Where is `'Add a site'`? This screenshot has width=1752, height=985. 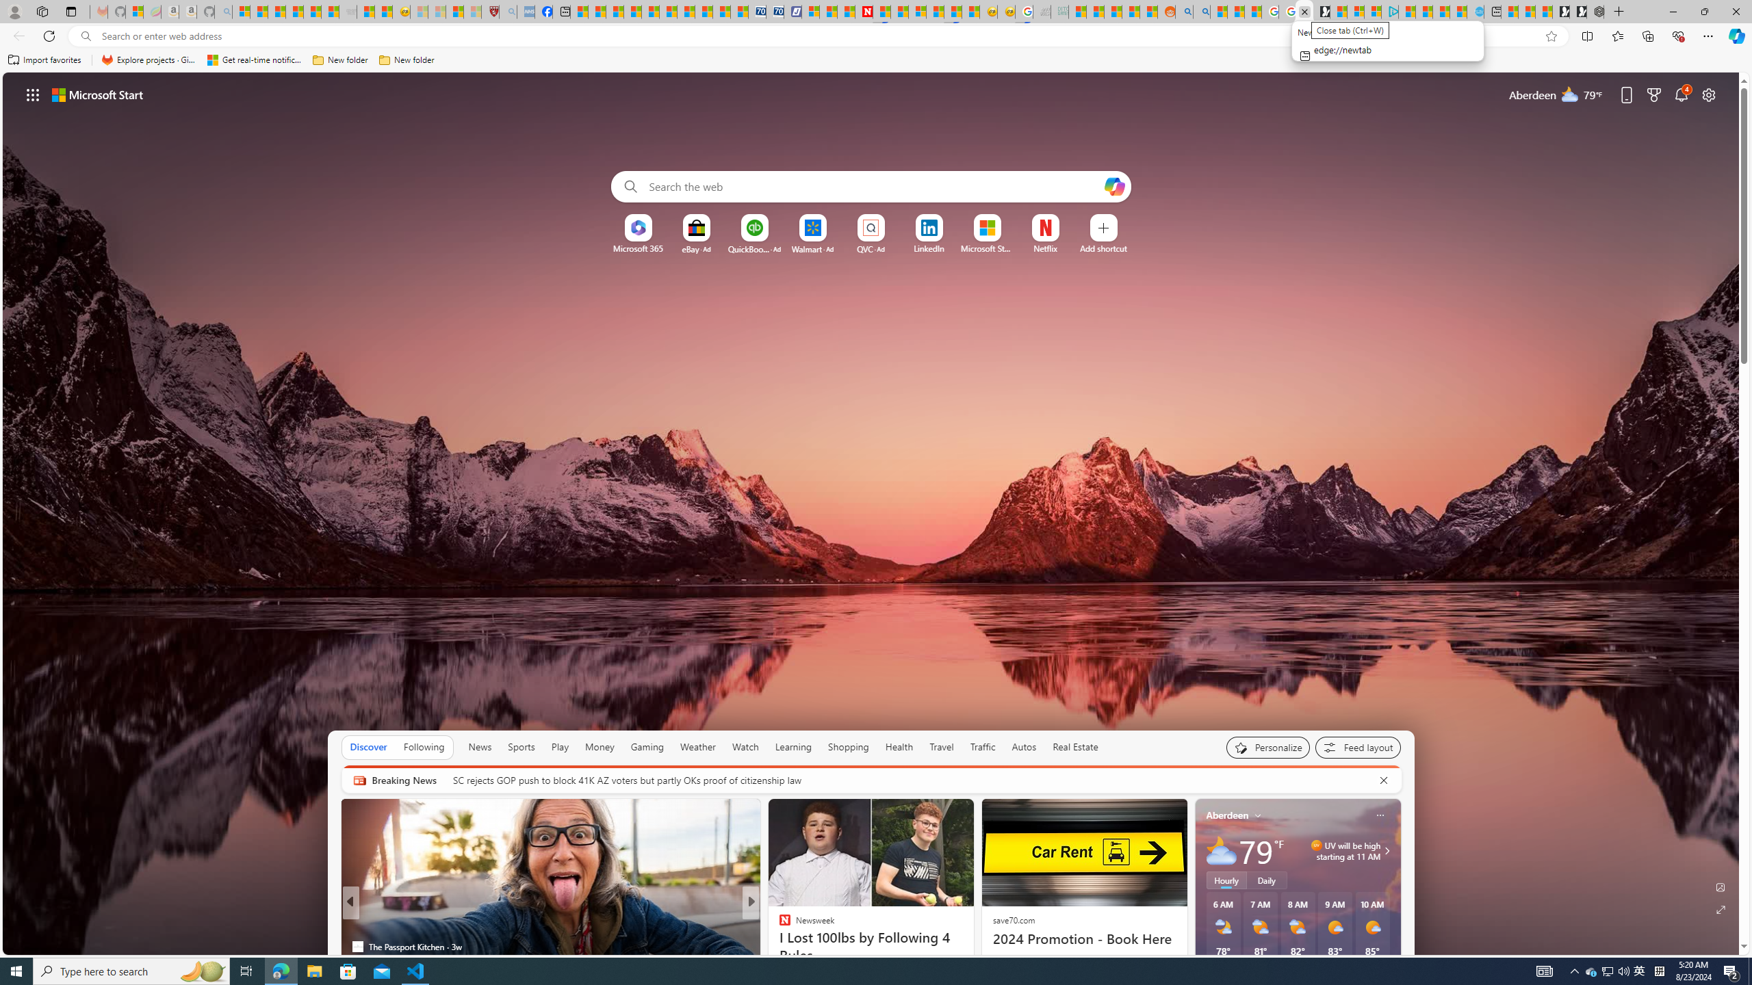 'Add a site' is located at coordinates (1102, 248).